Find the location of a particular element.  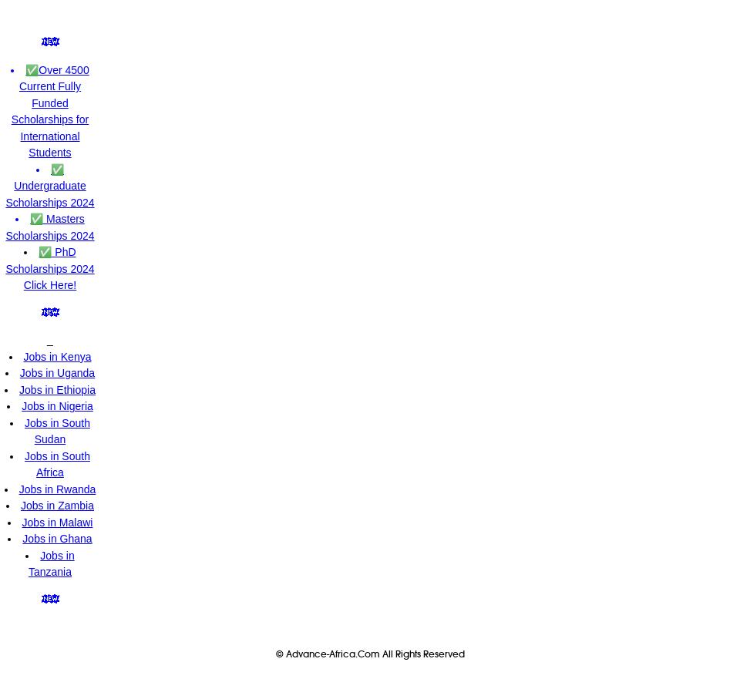

'Jobs in Nigeria' is located at coordinates (21, 406).